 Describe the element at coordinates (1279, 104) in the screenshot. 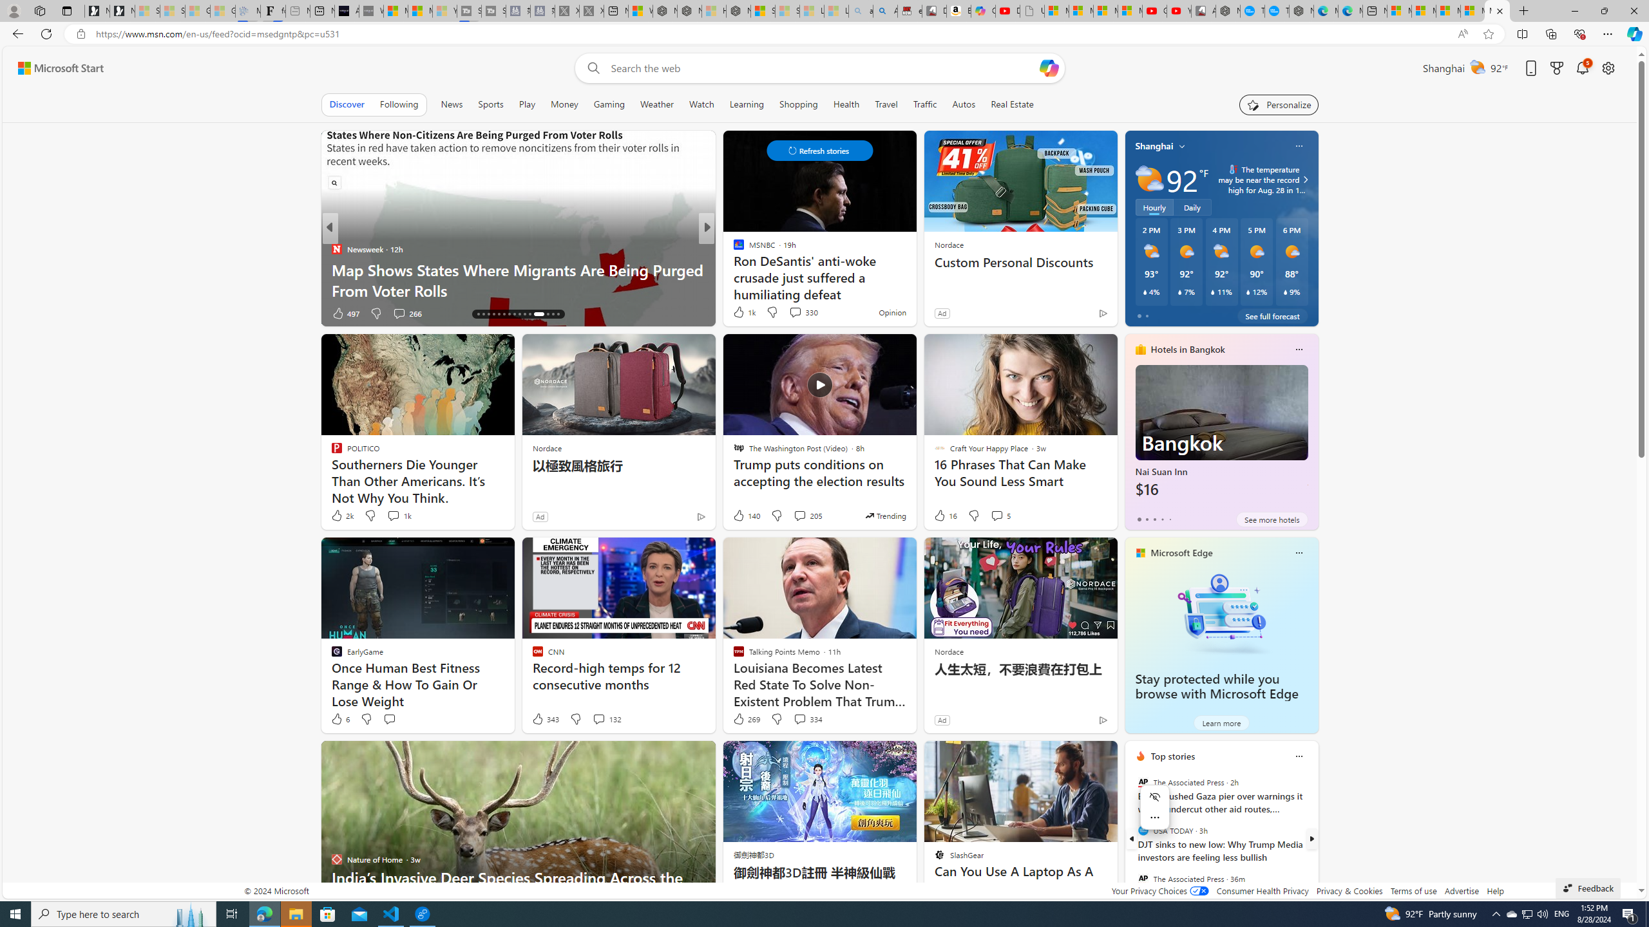

I see `'Personalize your feed"'` at that location.